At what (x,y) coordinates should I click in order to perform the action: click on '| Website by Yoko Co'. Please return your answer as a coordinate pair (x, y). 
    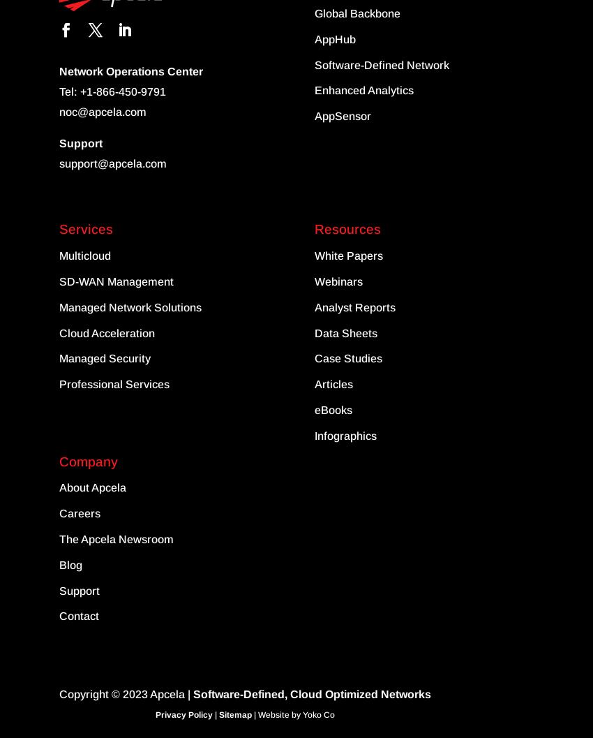
    Looking at the image, I should click on (293, 714).